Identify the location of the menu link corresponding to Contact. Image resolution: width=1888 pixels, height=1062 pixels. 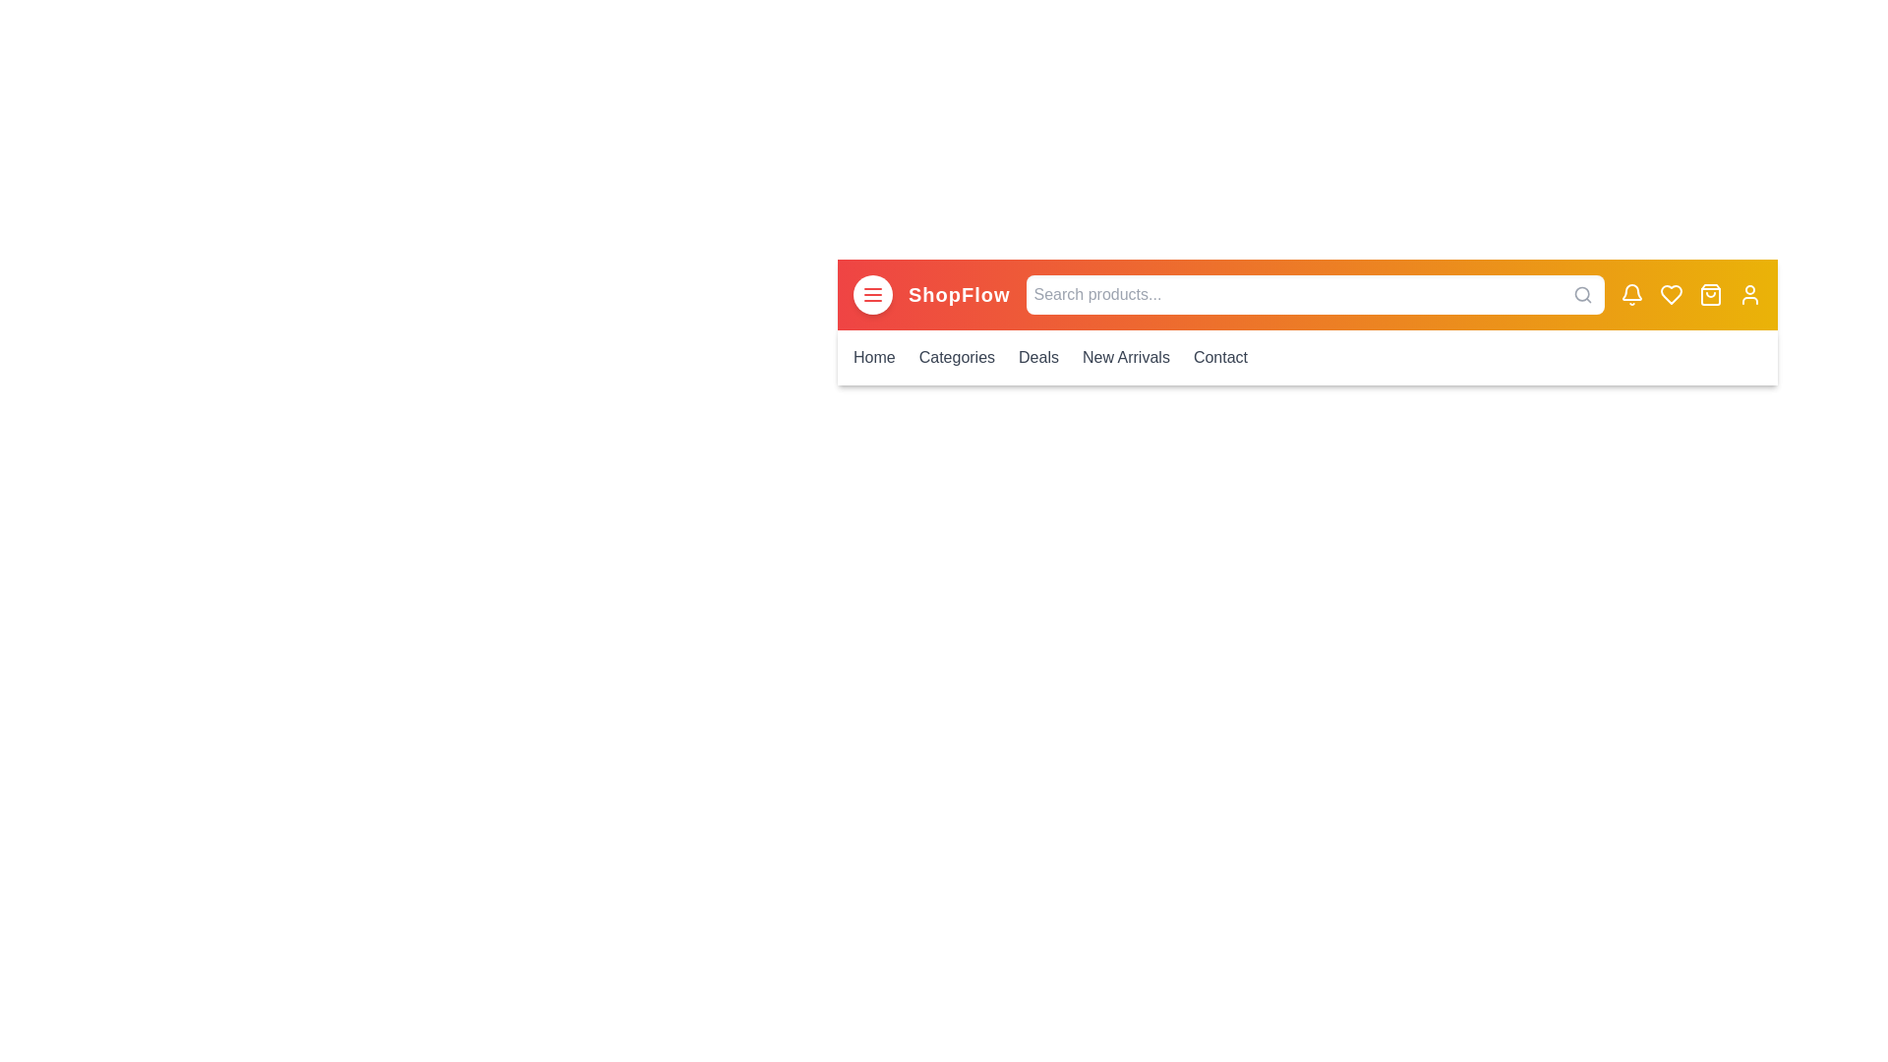
(1219, 357).